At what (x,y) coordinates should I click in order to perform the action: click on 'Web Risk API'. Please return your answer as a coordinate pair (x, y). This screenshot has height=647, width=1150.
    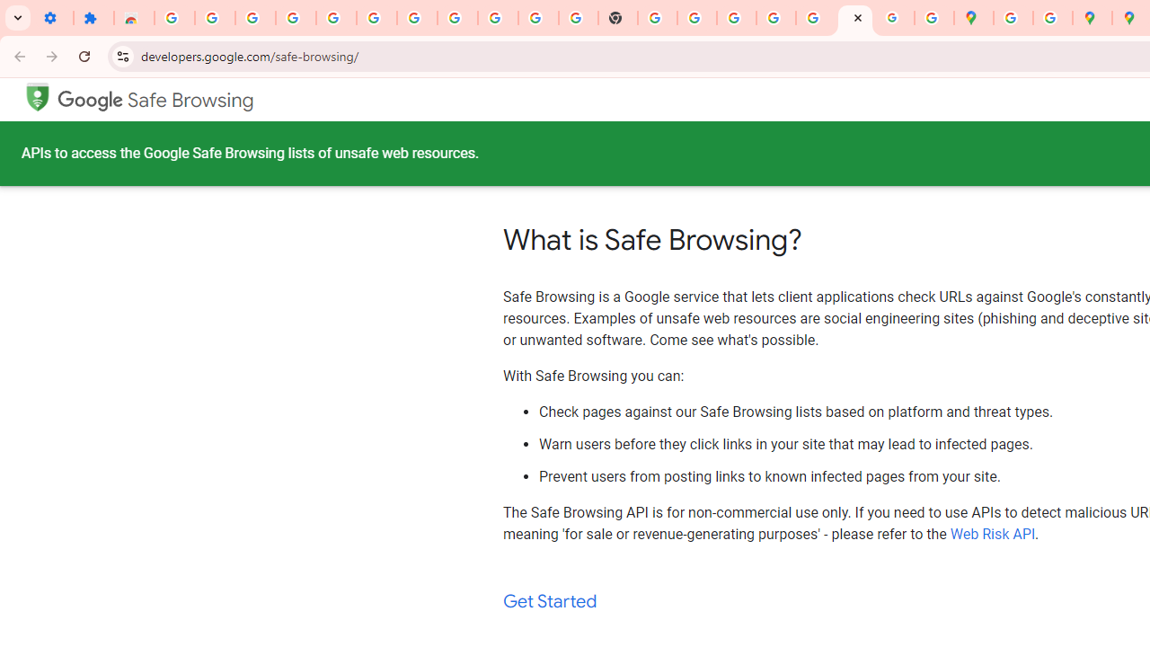
    Looking at the image, I should click on (992, 533).